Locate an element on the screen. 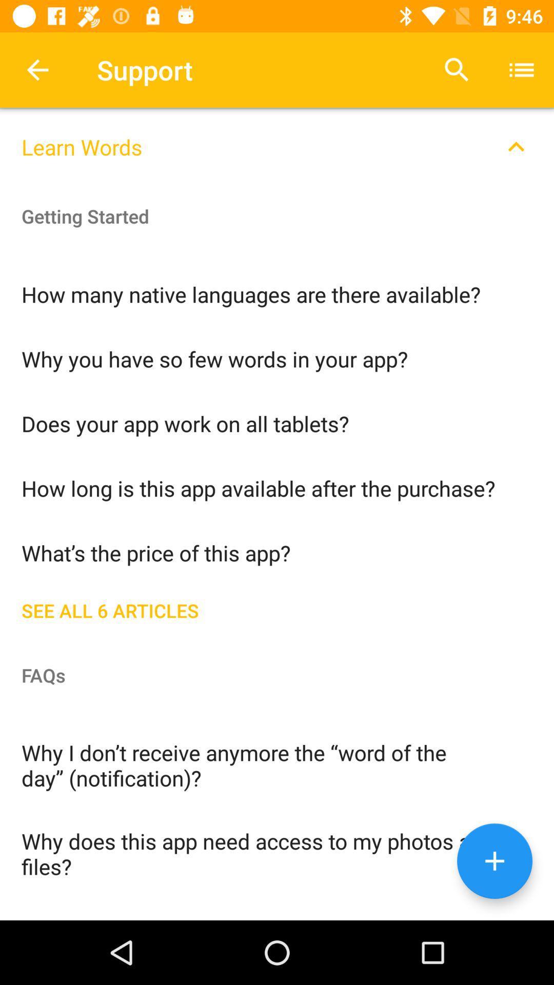 This screenshot has height=985, width=554. icon above the faqs icon is located at coordinates (277, 608).